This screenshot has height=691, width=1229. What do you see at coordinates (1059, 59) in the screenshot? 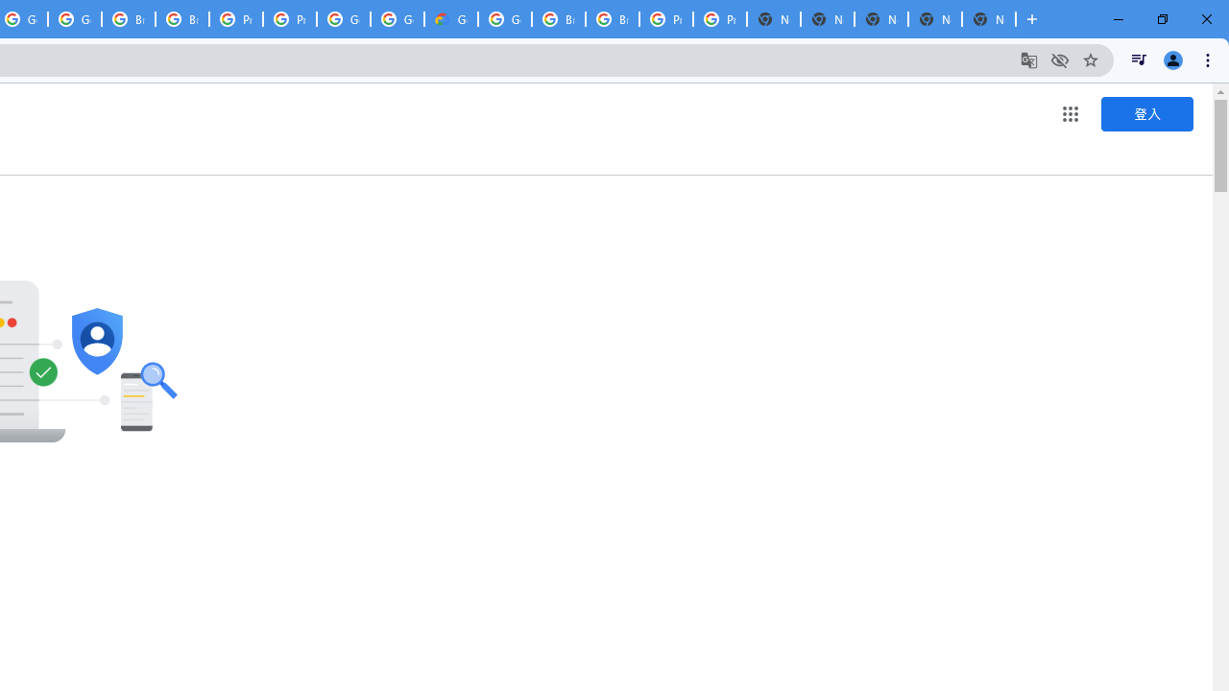
I see `'Third-party cookies blocked'` at bounding box center [1059, 59].